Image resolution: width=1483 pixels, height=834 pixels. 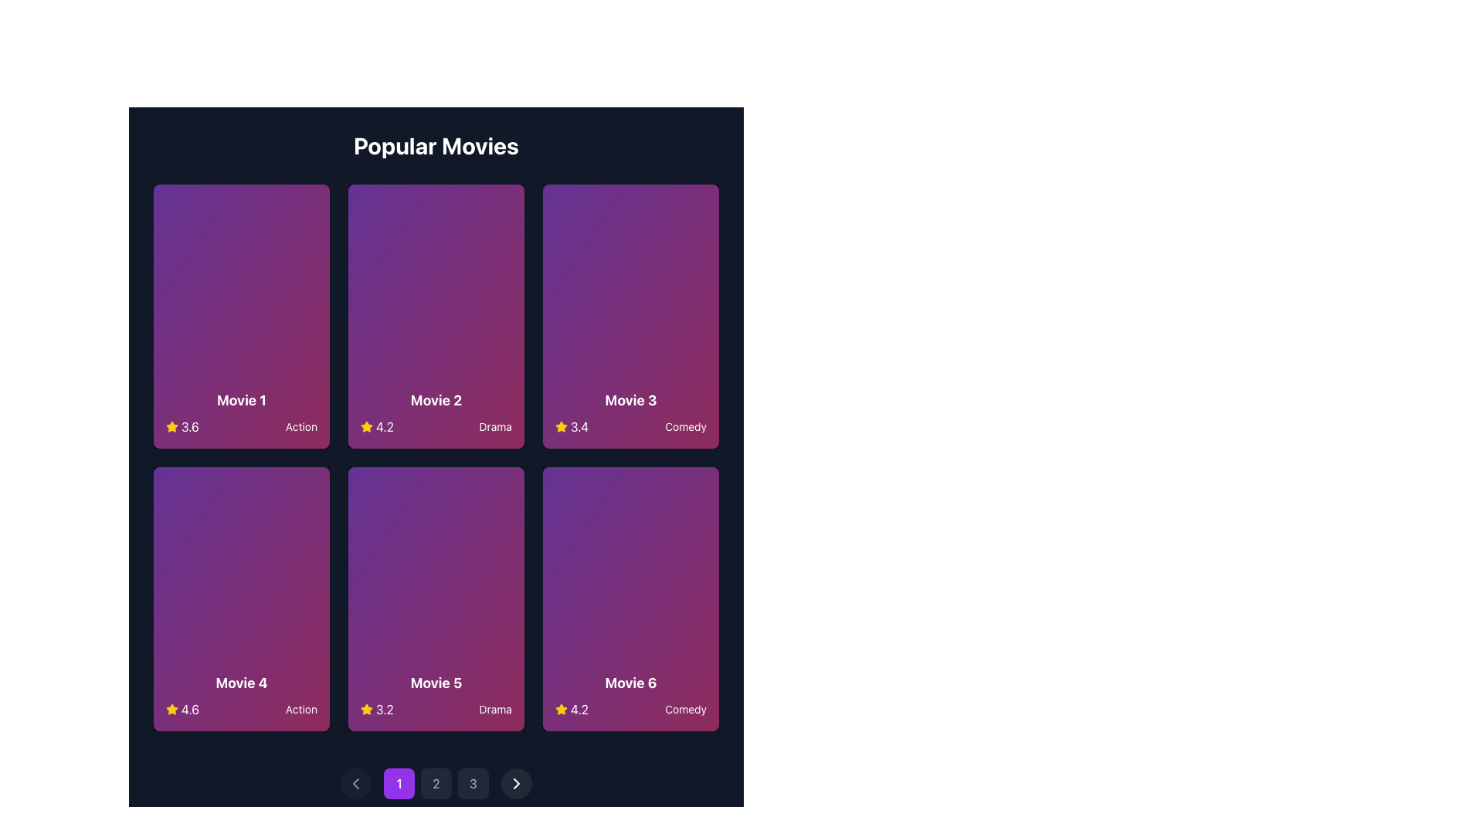 I want to click on the text label displaying the numerical rating '4.6' next to the yellow star icon in the 'Movie 4' card, so click(x=182, y=709).